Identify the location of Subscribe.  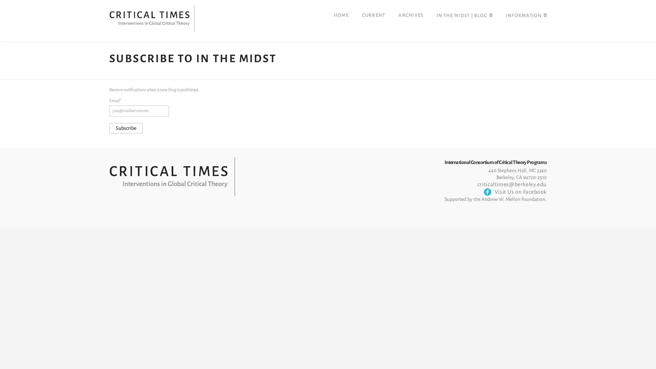
(126, 128).